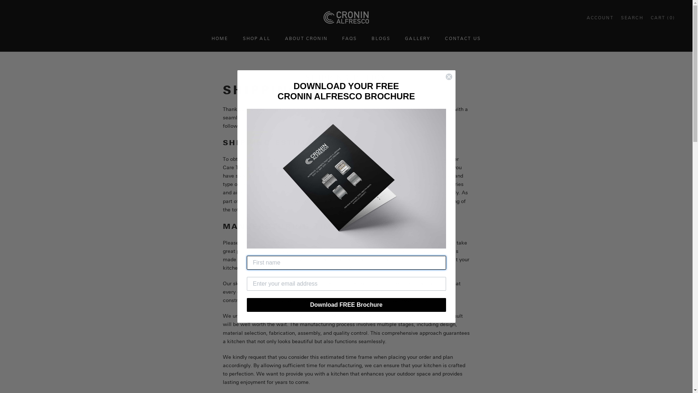 This screenshot has height=393, width=698. Describe the element at coordinates (345, 17) in the screenshot. I see `'Cronin Alfresco'` at that location.